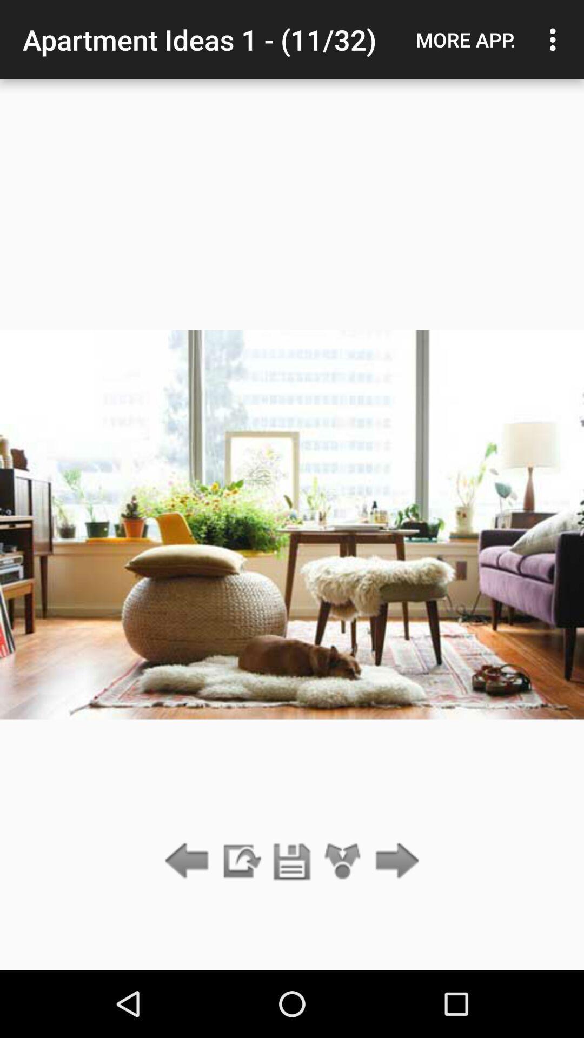  Describe the element at coordinates (343, 861) in the screenshot. I see `the share icon` at that location.